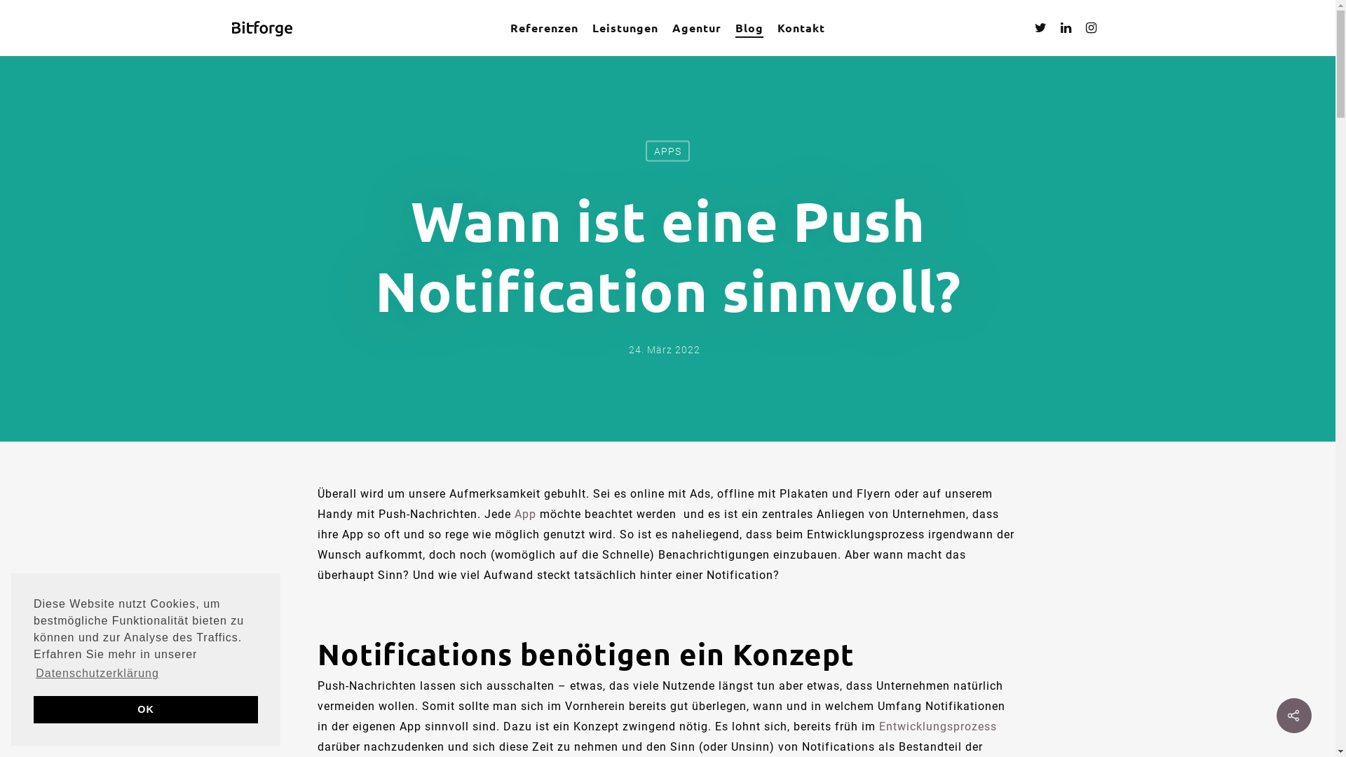 The height and width of the screenshot is (757, 1346). I want to click on 'App', so click(524, 514).